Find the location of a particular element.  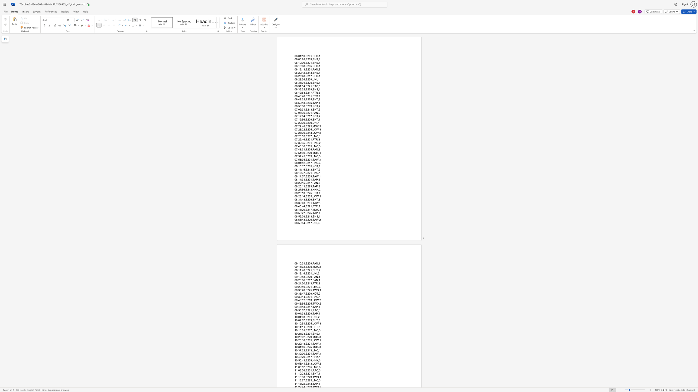

the space between the continuous character "1" and "," in the text is located at coordinates (311, 317).